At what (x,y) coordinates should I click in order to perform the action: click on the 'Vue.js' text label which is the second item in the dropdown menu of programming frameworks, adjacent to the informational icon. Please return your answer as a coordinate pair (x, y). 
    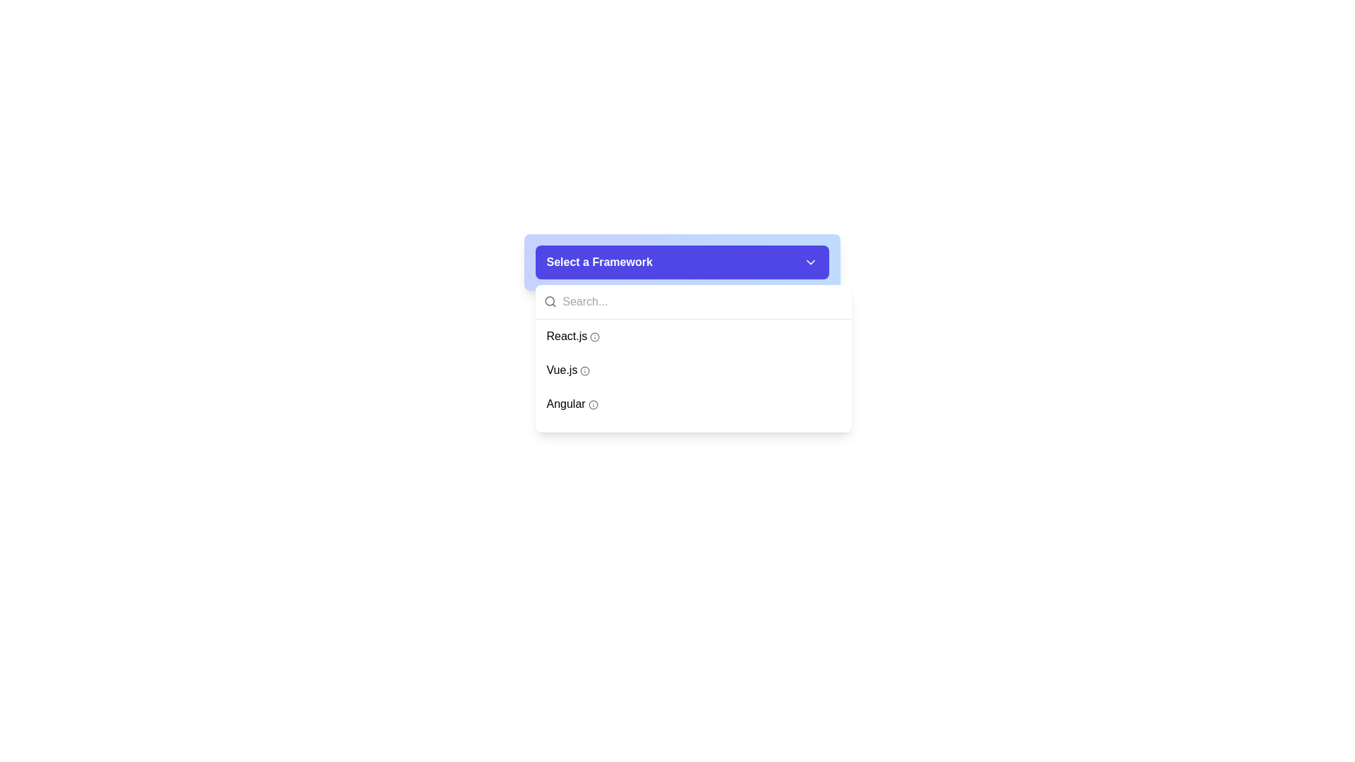
    Looking at the image, I should click on (568, 369).